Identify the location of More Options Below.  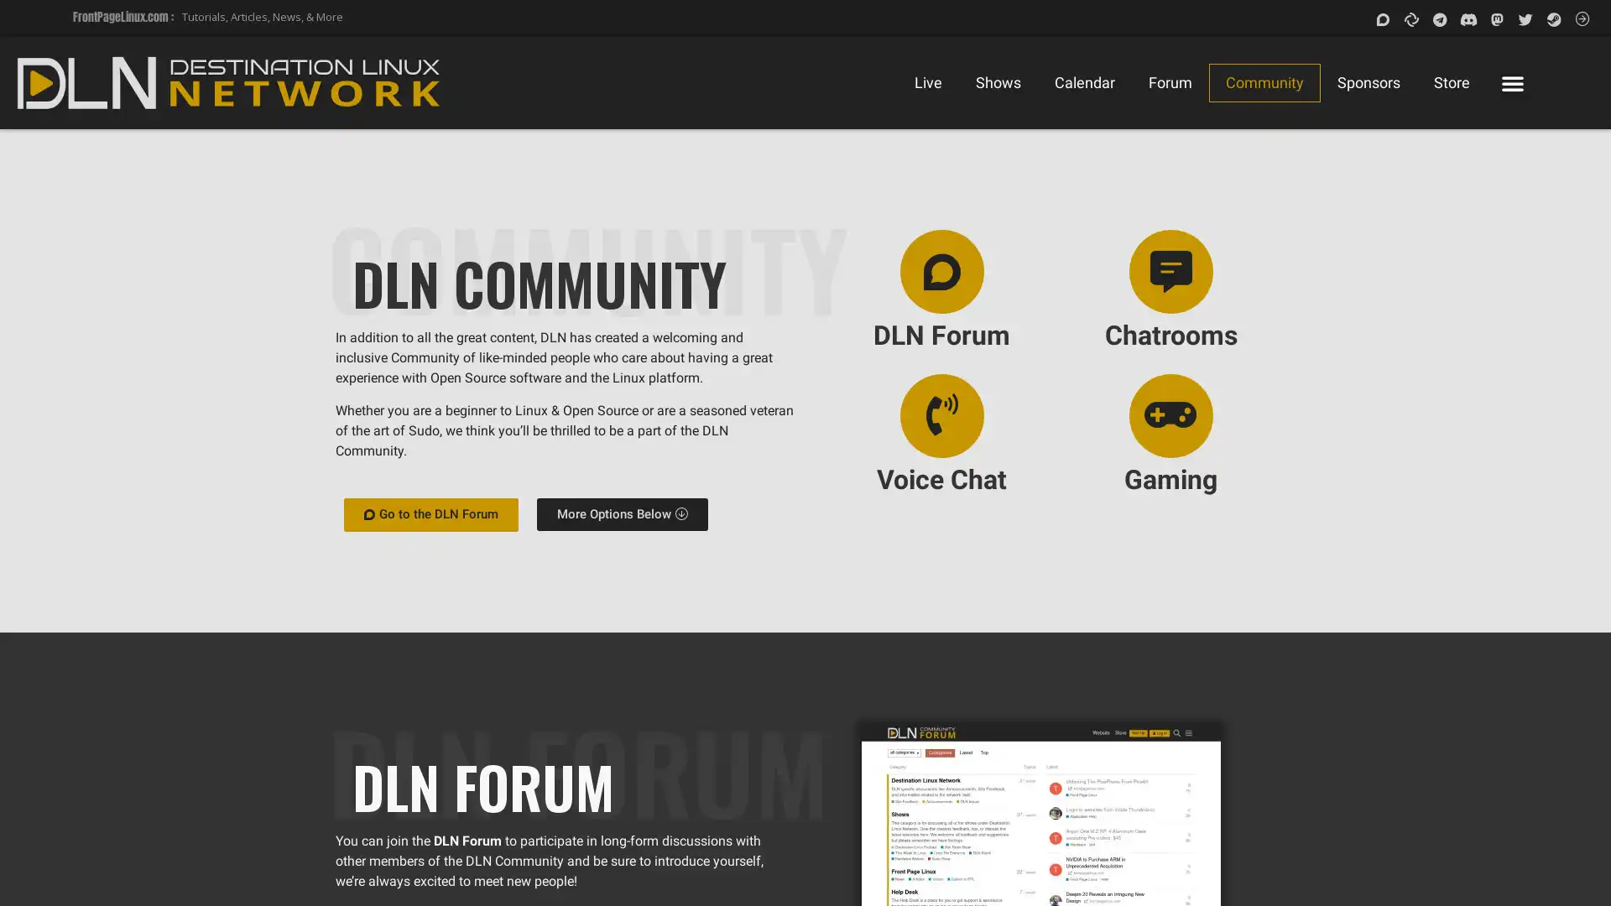
(620, 513).